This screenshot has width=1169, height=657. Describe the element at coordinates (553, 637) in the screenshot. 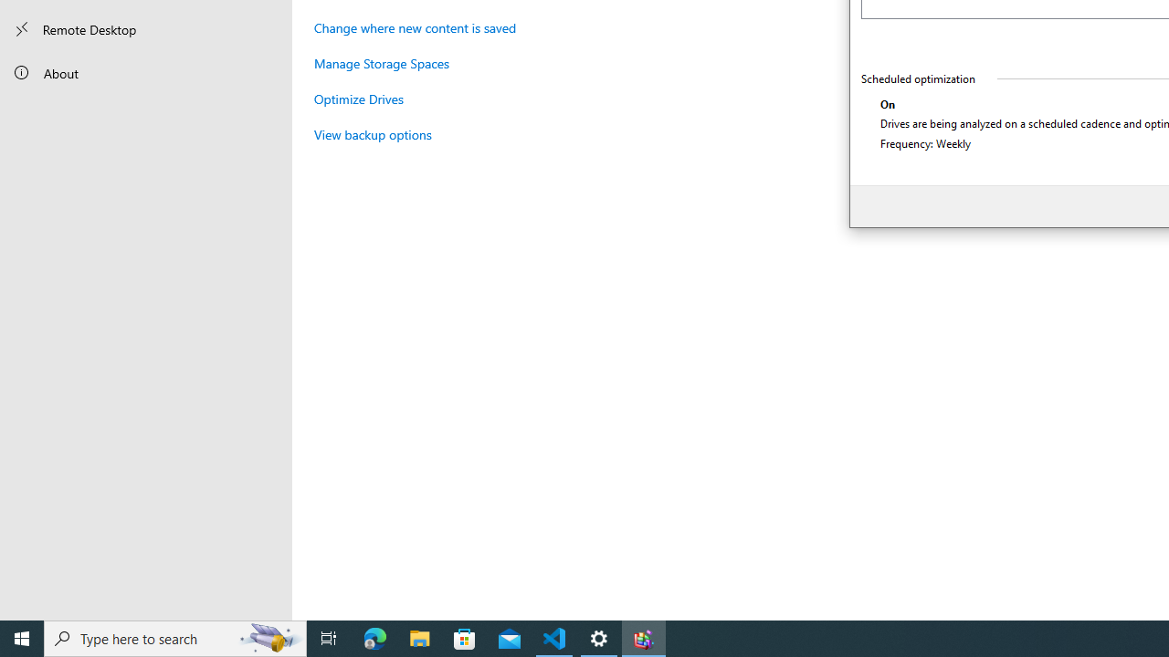

I see `'Visual Studio Code - 1 running window'` at that location.